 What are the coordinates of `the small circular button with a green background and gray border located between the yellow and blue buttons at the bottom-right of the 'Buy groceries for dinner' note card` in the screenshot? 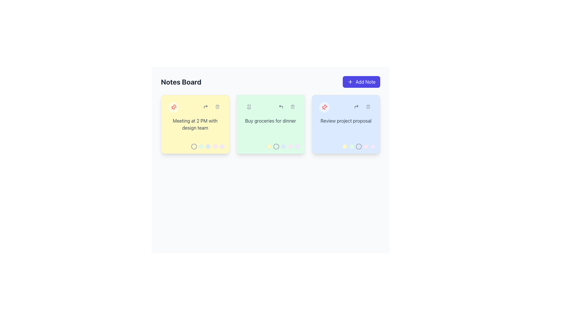 It's located at (276, 146).